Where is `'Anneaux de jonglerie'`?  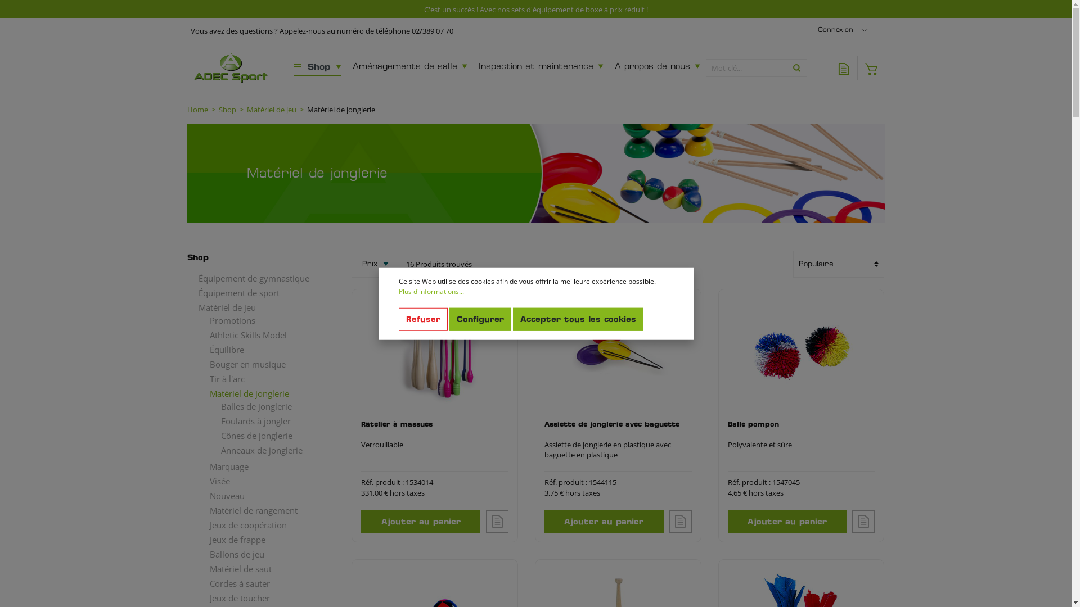 'Anneaux de jonglerie' is located at coordinates (268, 449).